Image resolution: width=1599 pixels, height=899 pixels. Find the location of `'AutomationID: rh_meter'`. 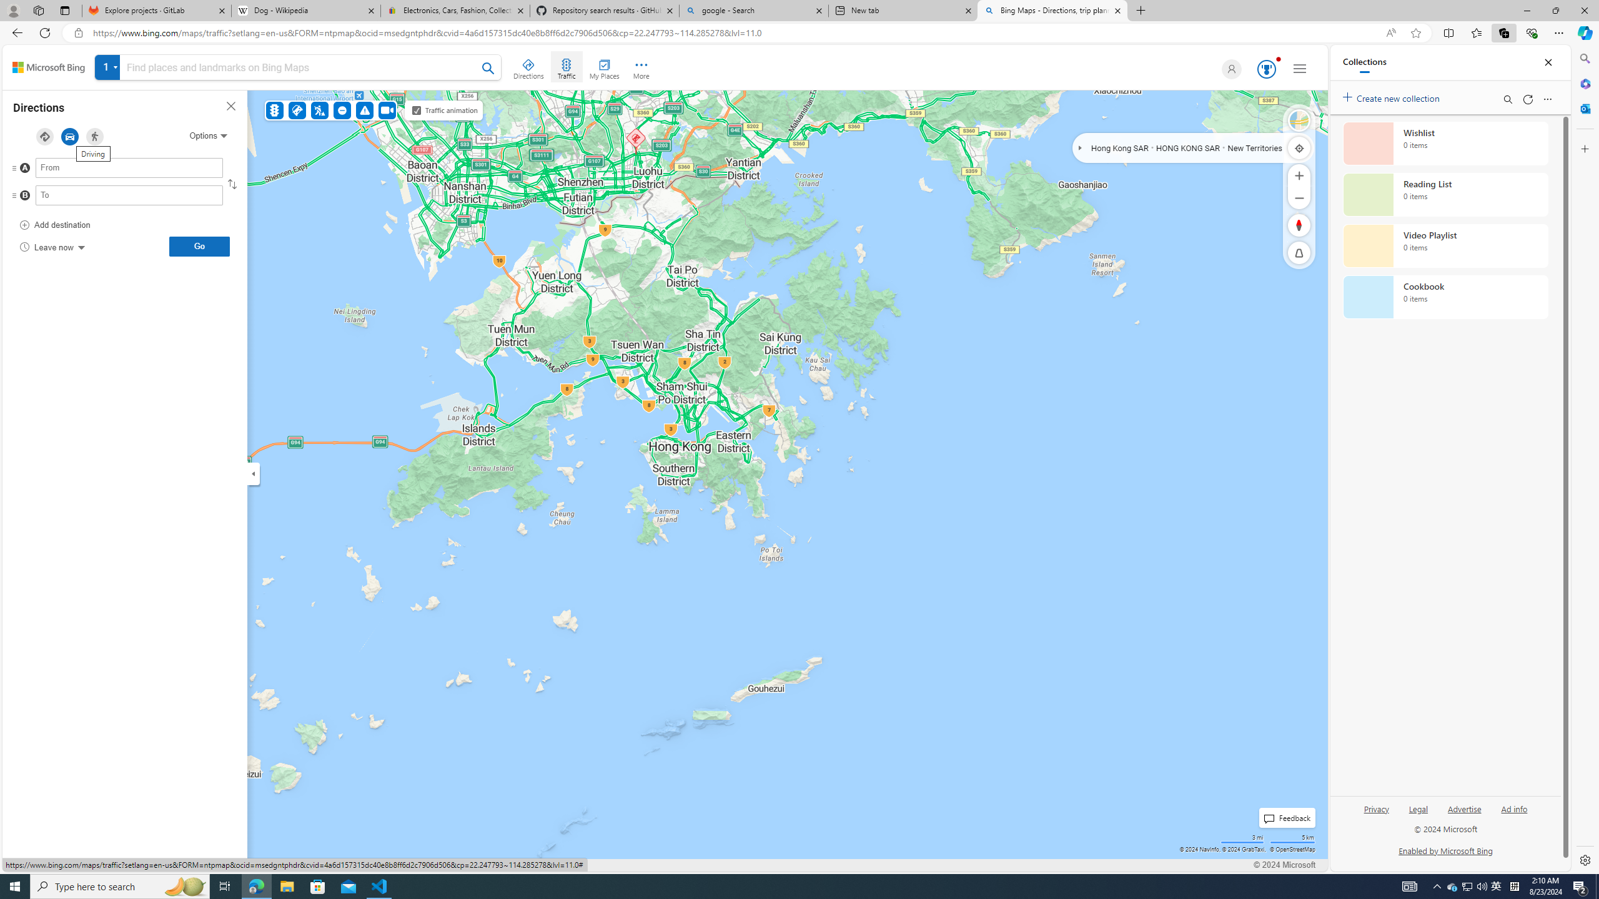

'AutomationID: rh_meter' is located at coordinates (1265, 69).